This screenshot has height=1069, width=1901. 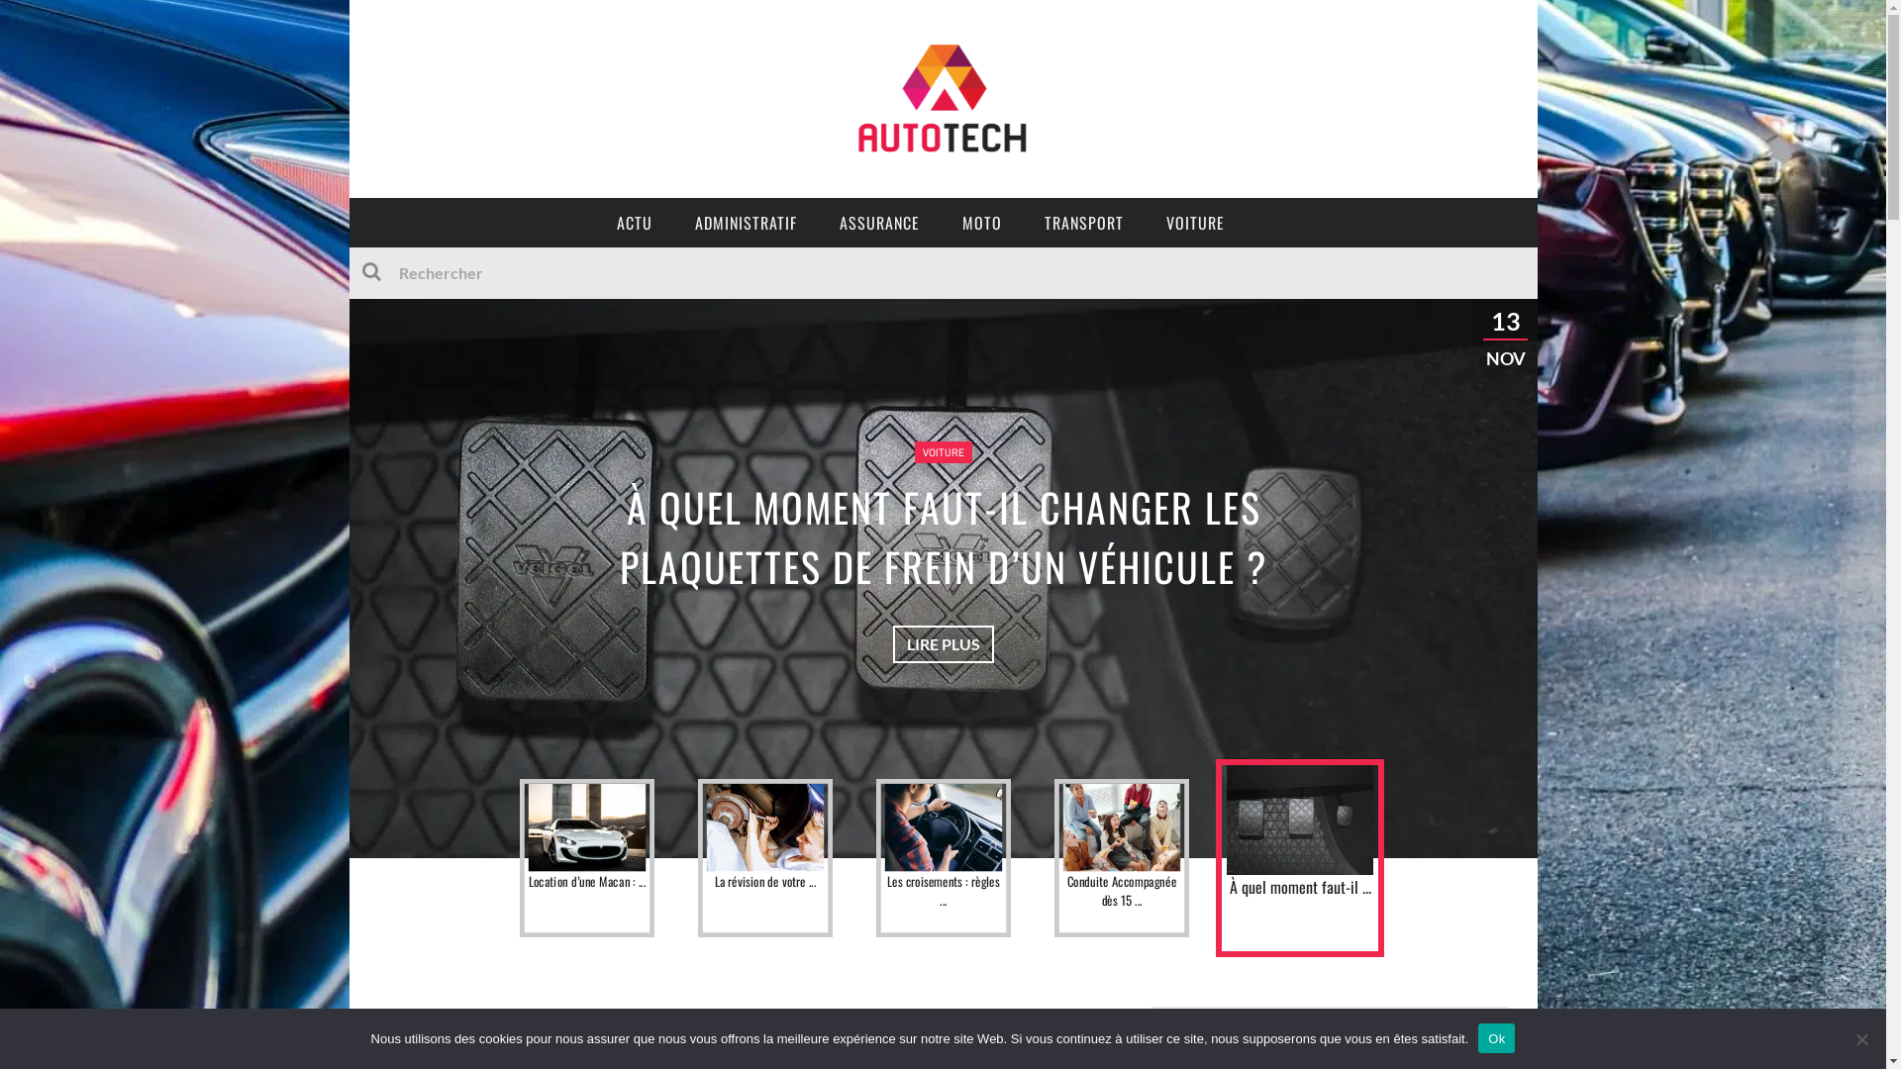 What do you see at coordinates (745, 222) in the screenshot?
I see `'ADMINISTRATIF'` at bounding box center [745, 222].